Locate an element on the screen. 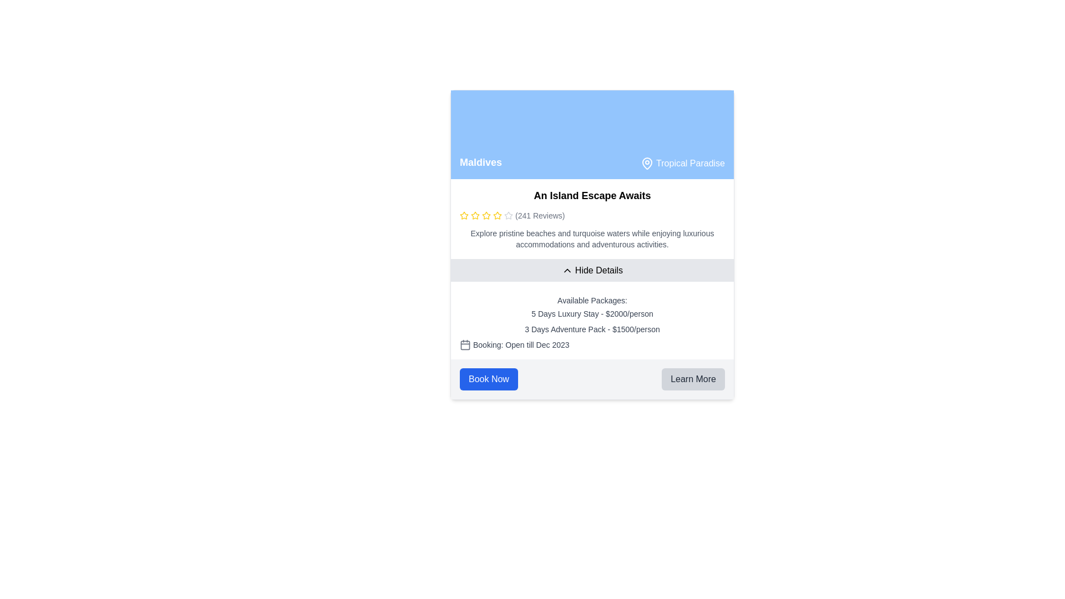  the heart-shaped map pin icon filled with soft blue color located adjacent to the text 'Tropical Paradise' at the top of the card is located at coordinates (647, 163).